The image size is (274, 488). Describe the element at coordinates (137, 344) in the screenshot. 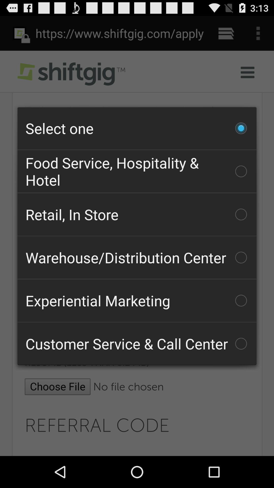

I see `the icon at the bottom` at that location.